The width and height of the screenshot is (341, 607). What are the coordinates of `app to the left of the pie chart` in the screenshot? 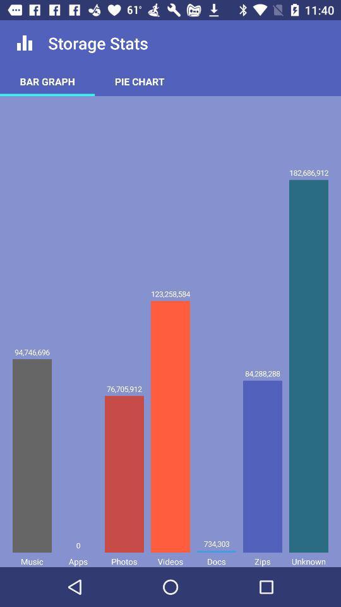 It's located at (47, 80).